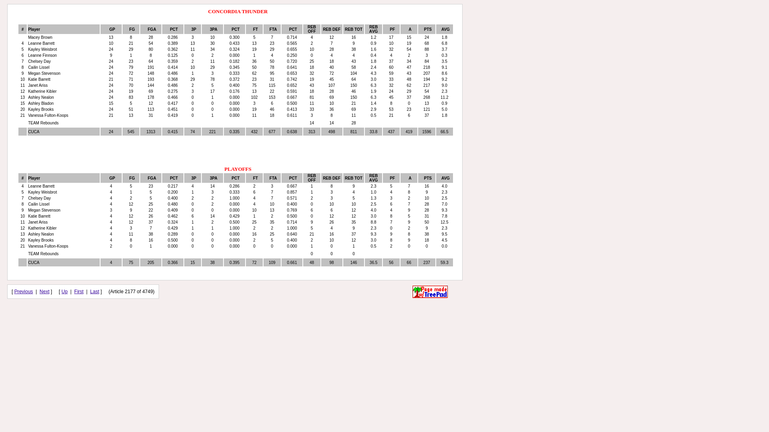 This screenshot has height=432, width=769. What do you see at coordinates (79, 292) in the screenshot?
I see `'First'` at bounding box center [79, 292].